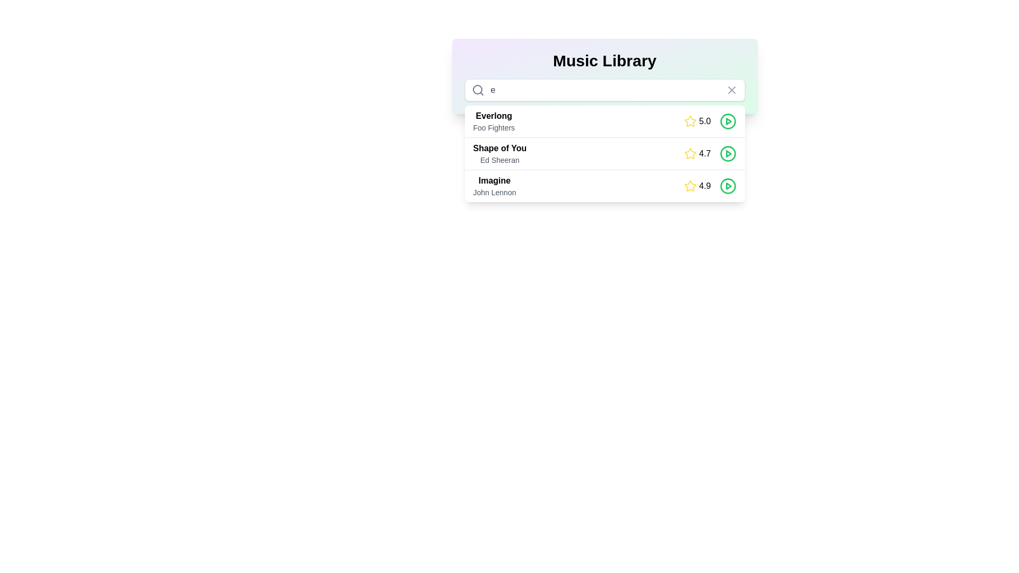 The height and width of the screenshot is (573, 1019). What do you see at coordinates (605, 154) in the screenshot?
I see `the green circular play button of the music track entry 'Shape of You' by Ed Sheeran` at bounding box center [605, 154].